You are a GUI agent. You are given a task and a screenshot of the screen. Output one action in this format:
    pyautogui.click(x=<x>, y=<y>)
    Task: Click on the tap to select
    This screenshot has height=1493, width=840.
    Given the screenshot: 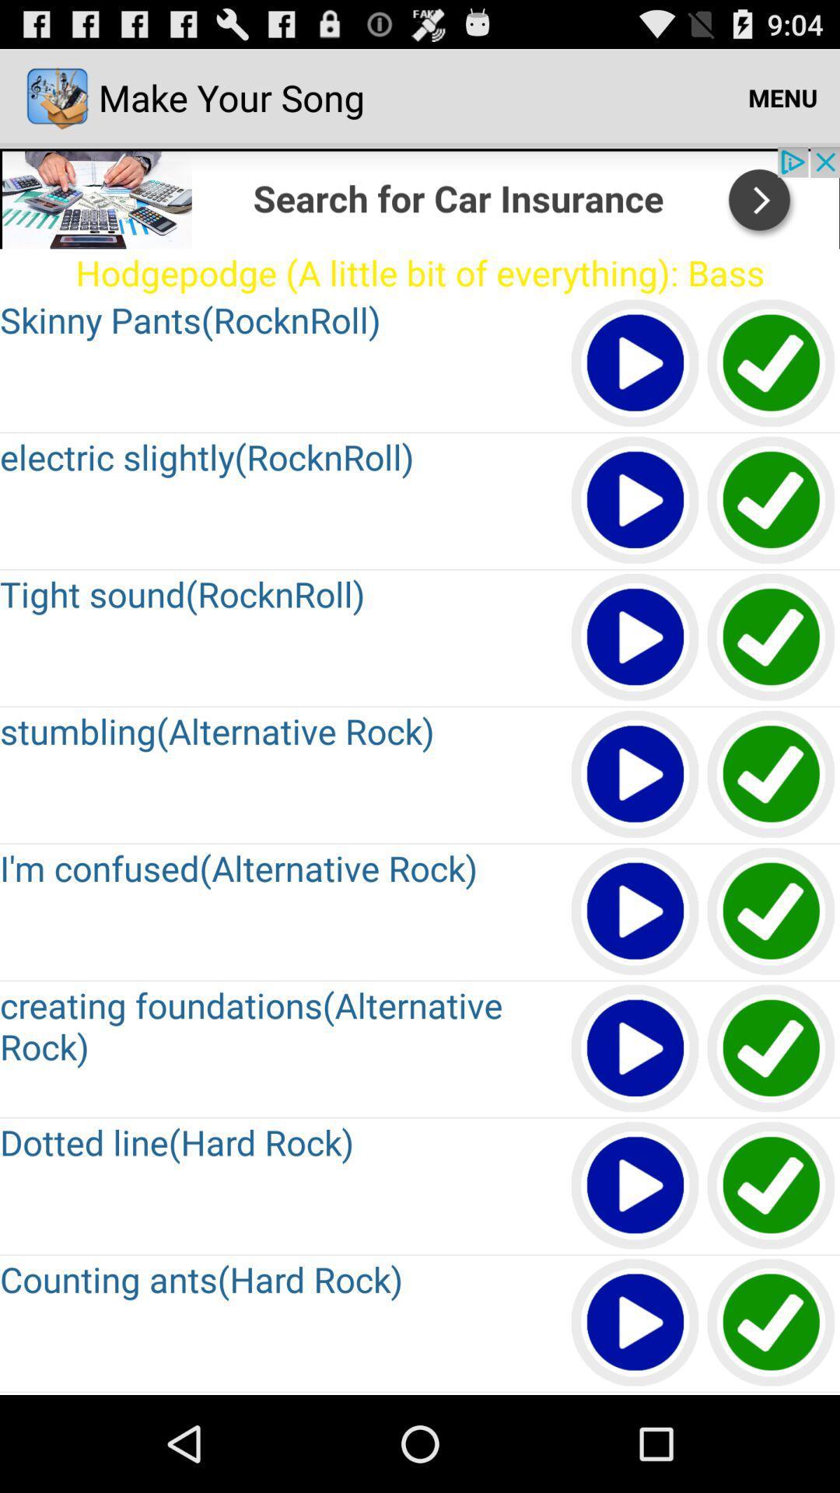 What is the action you would take?
    pyautogui.click(x=772, y=363)
    